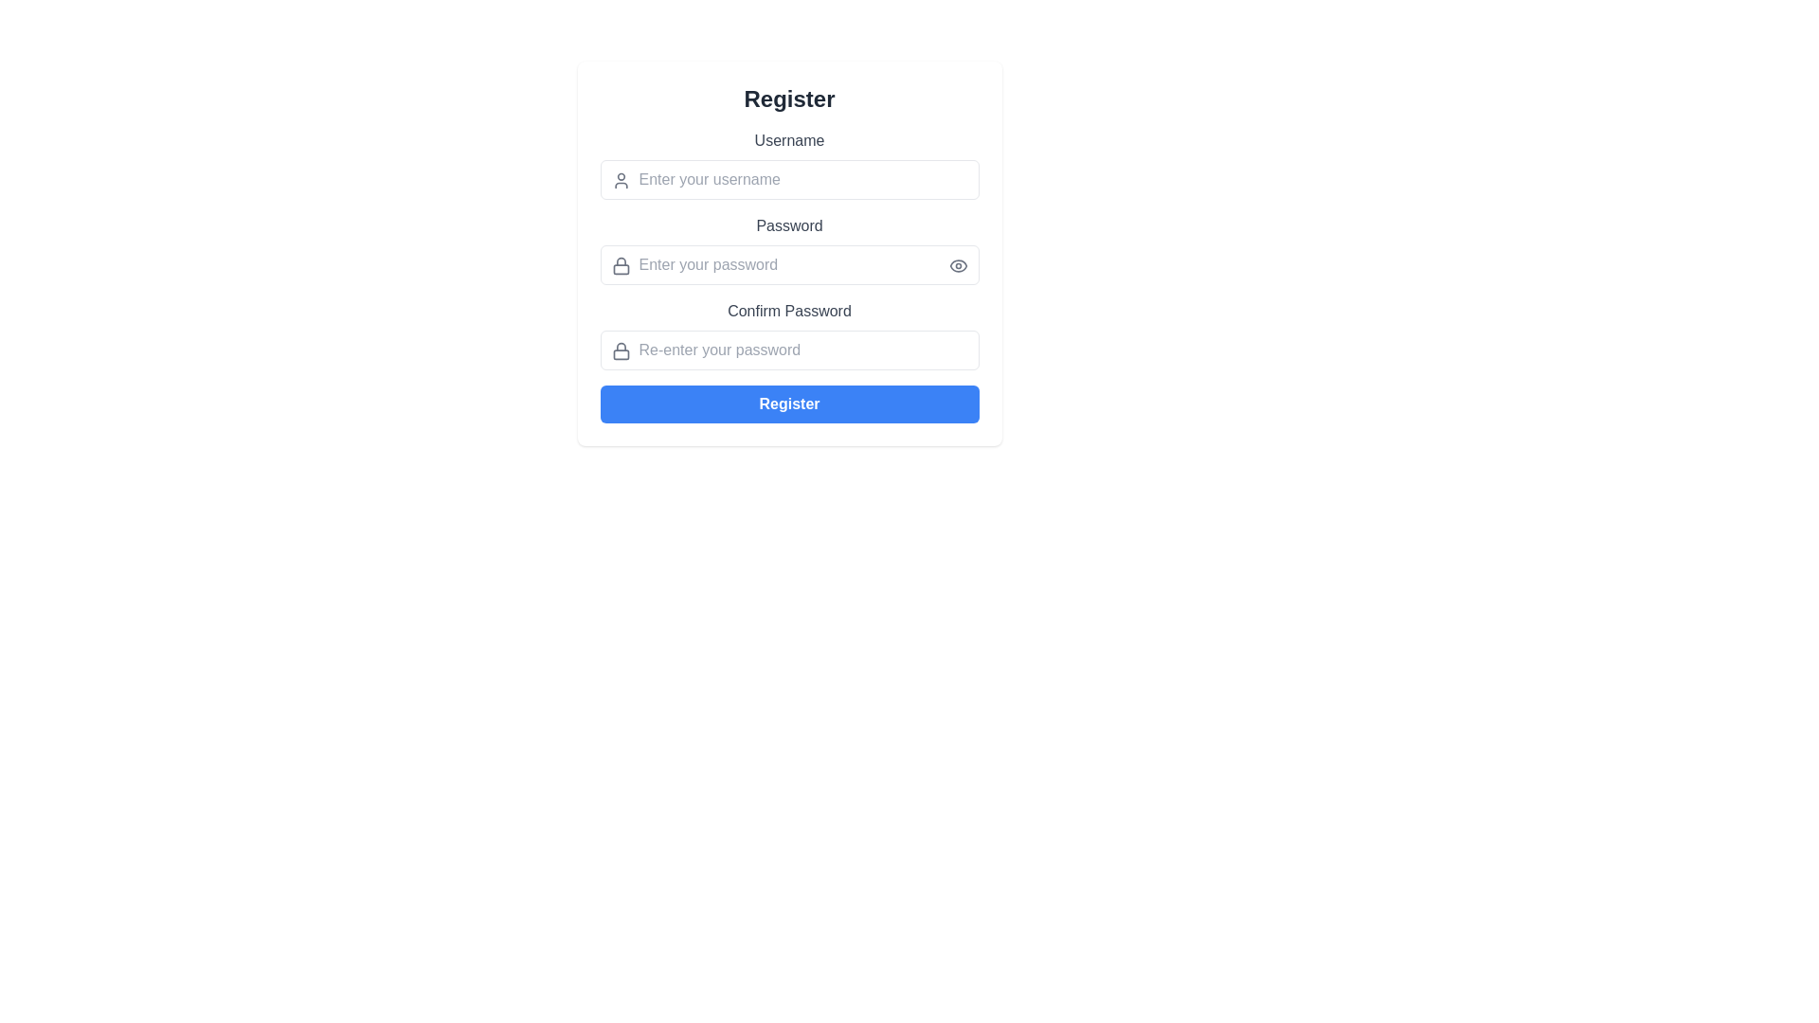  I want to click on the rectangular SVG shape representing the lock body, which is styled in gray, so click(621, 354).